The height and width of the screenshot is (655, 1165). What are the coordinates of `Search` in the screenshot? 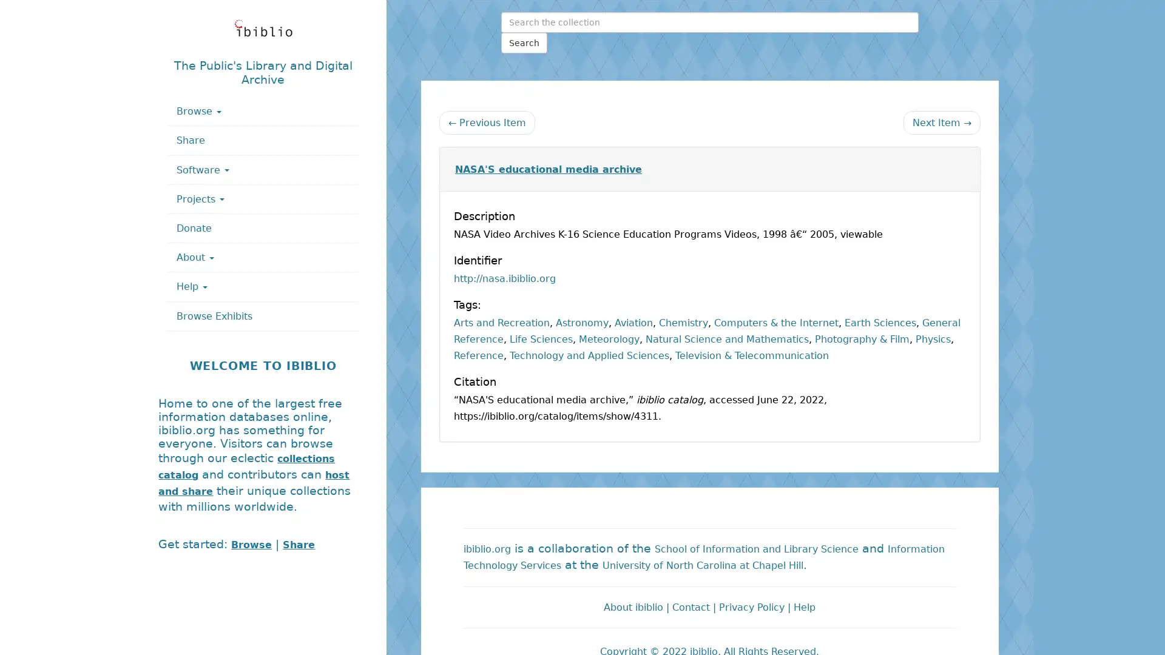 It's located at (524, 42).